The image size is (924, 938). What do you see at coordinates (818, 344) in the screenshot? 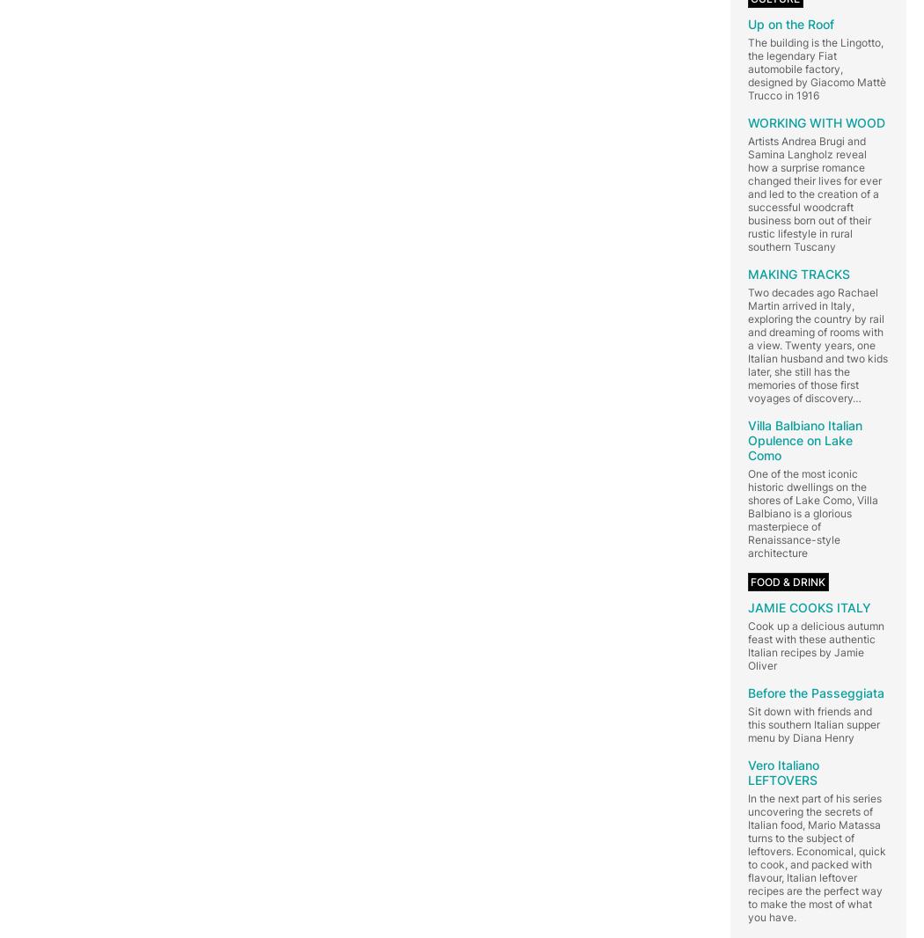
I see `'Two decades ago Rachael Martin arrived in Italy, exploring the country by rail and dreaming of rooms with a view. Twenty years, one Italian husband and two kids later, she still has the memories of those first voyages of discovery…'` at bounding box center [818, 344].